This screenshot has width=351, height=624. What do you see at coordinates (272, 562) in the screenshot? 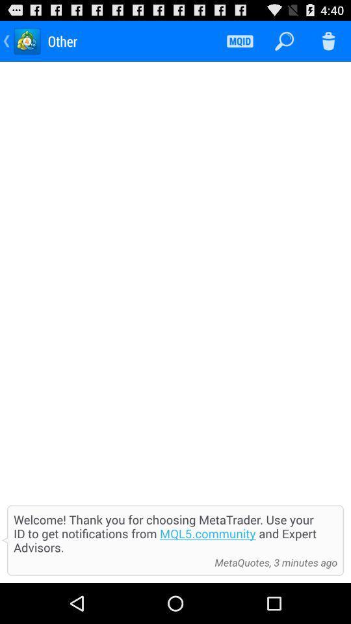
I see `the metaquotes 3 minutes` at bounding box center [272, 562].